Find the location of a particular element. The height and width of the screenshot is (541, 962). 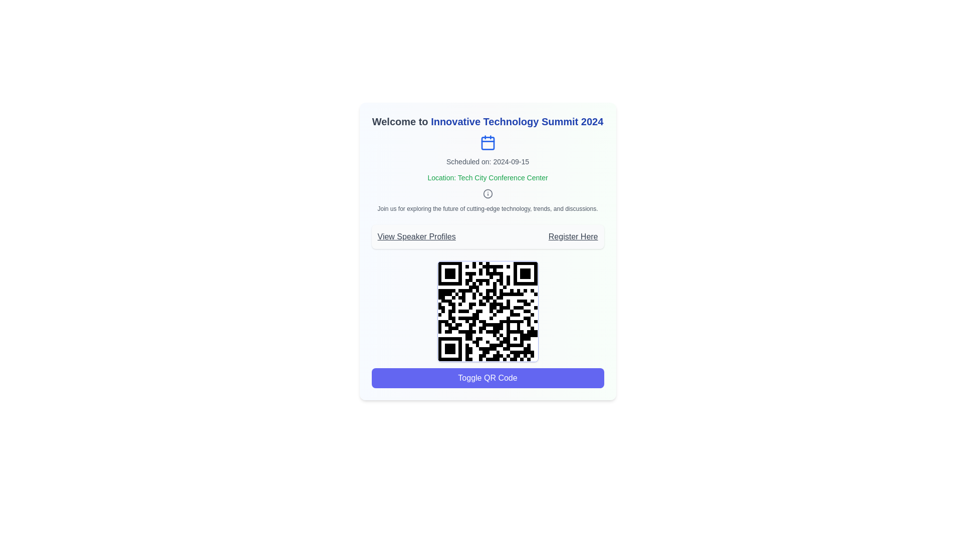

the QR Code component that provides a scannable QR Code for accessing the registration page for the 2024 conference is located at coordinates (488, 311).